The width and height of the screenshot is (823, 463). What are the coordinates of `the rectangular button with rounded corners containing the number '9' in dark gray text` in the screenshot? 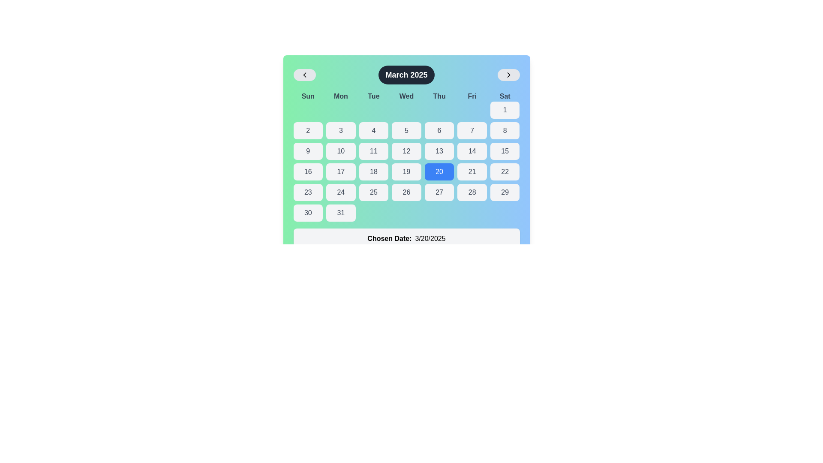 It's located at (308, 151).